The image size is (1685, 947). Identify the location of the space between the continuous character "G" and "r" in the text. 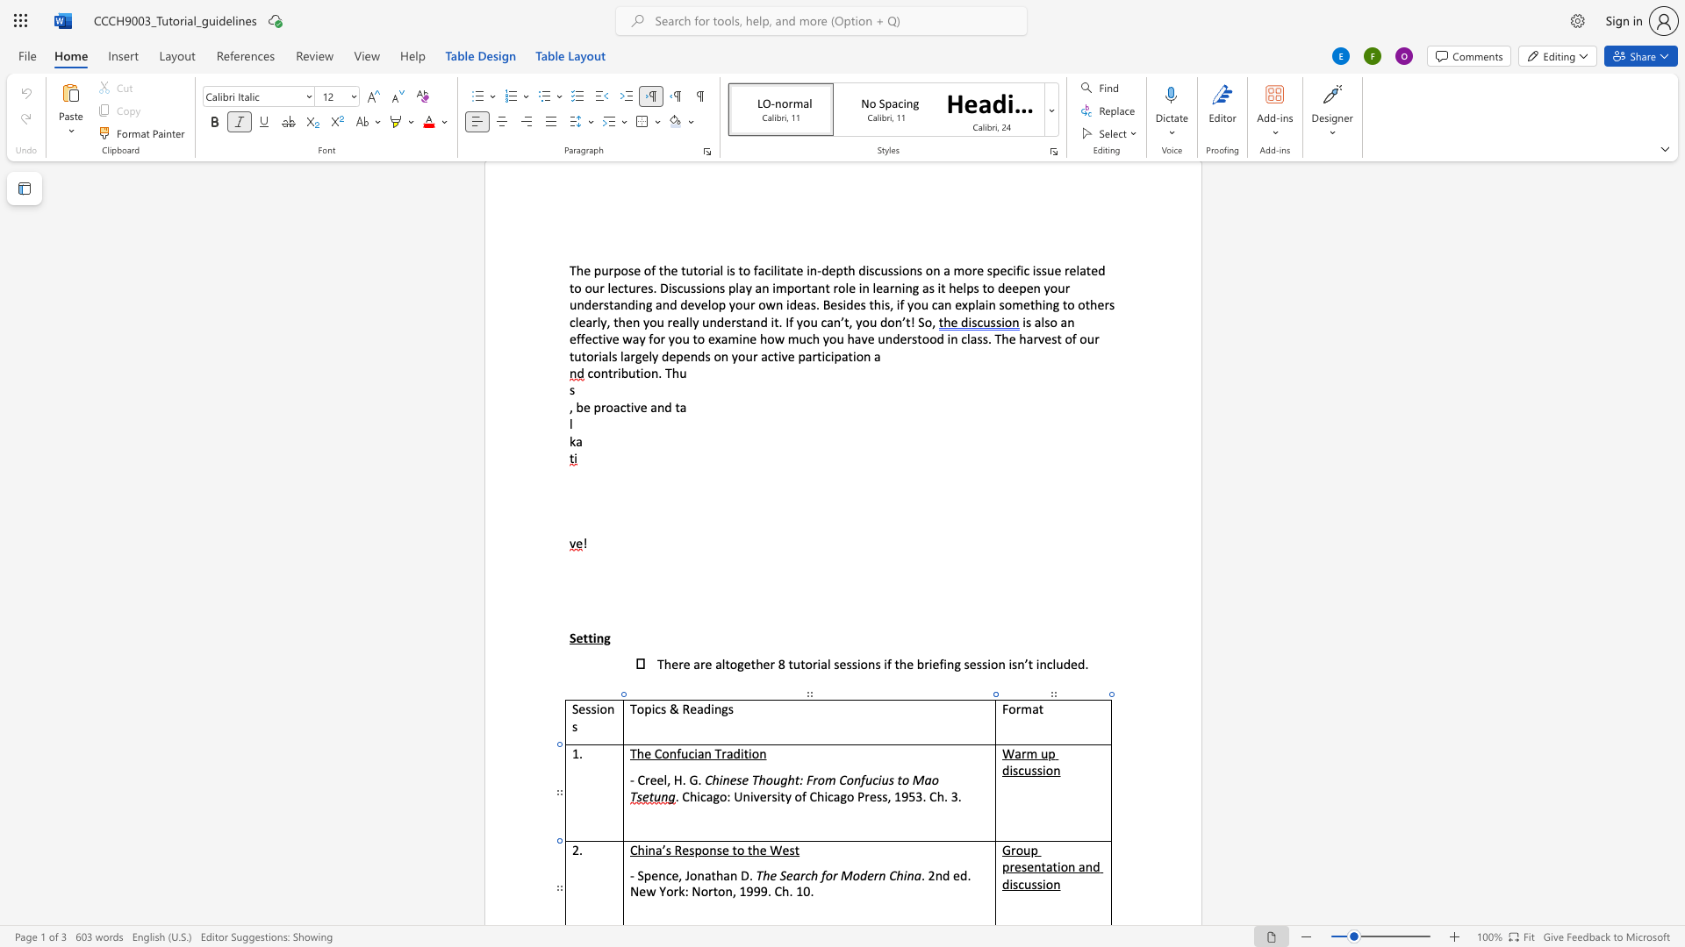
(1010, 849).